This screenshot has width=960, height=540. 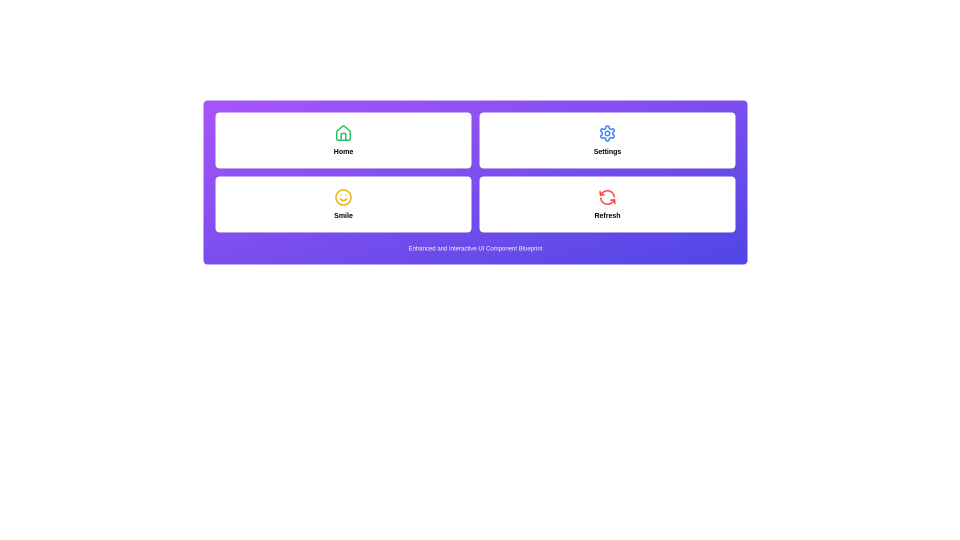 What do you see at coordinates (343, 203) in the screenshot?
I see `the 'Smile' button located` at bounding box center [343, 203].